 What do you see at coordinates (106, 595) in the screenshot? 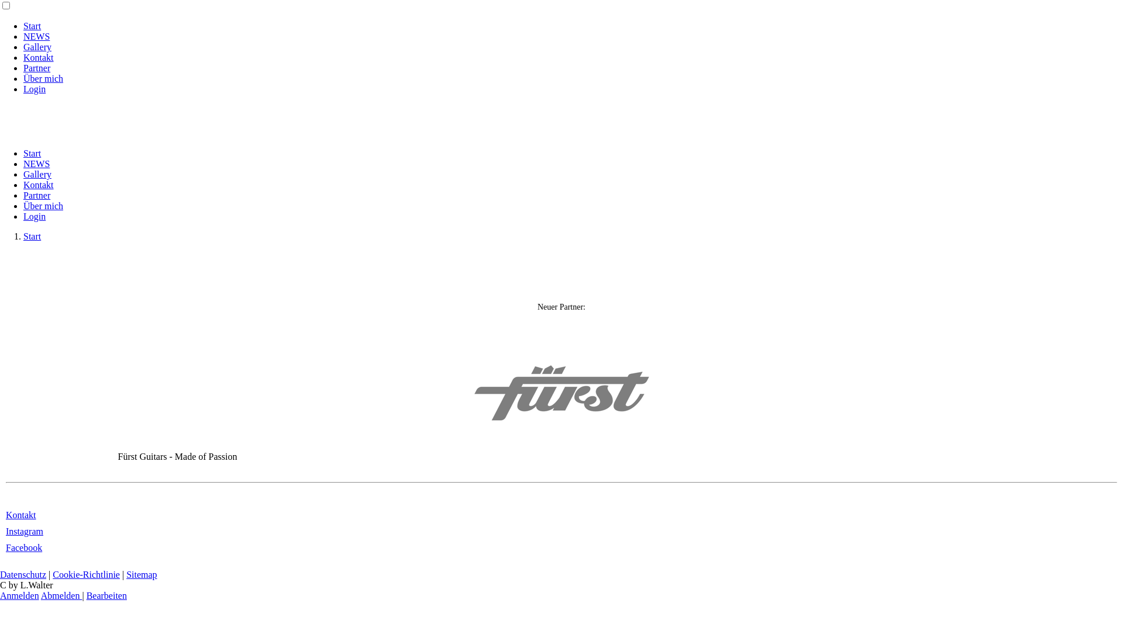
I see `'Bearbeiten'` at bounding box center [106, 595].